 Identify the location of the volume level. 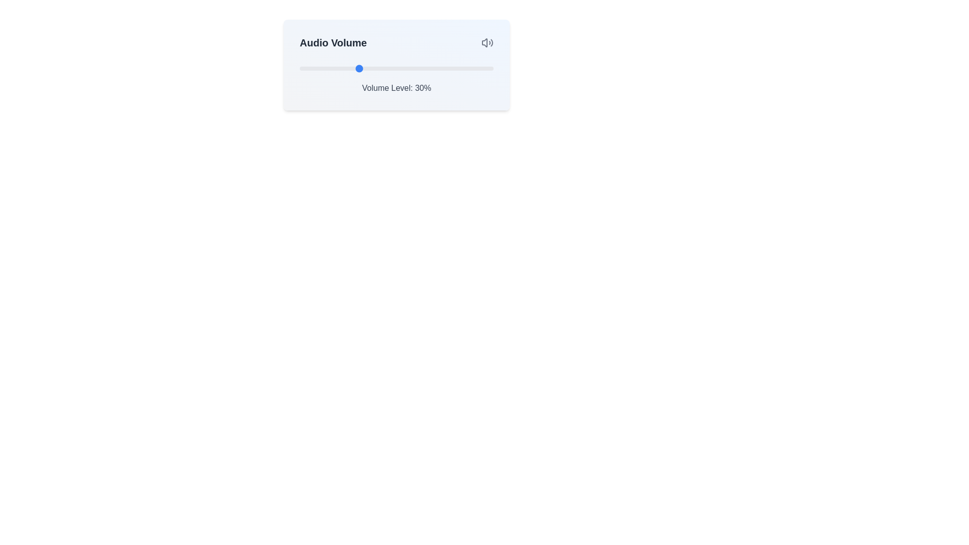
(338, 68).